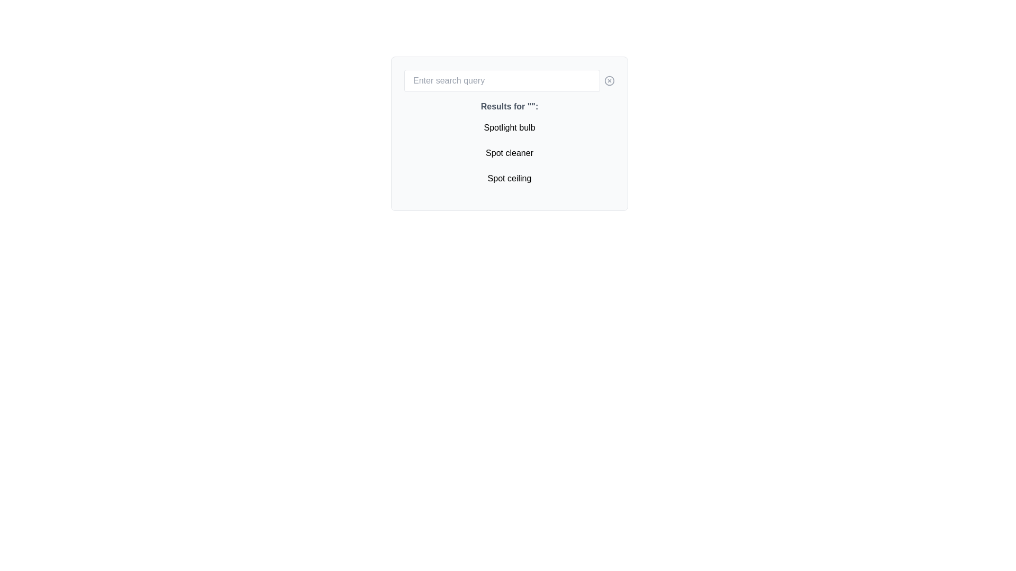 The width and height of the screenshot is (1016, 571). Describe the element at coordinates (488, 153) in the screenshot. I see `the letter 'S' in the text 'Spot cleaner', which is the first character of the second visible search result in the vertically laid-out list of search results` at that location.